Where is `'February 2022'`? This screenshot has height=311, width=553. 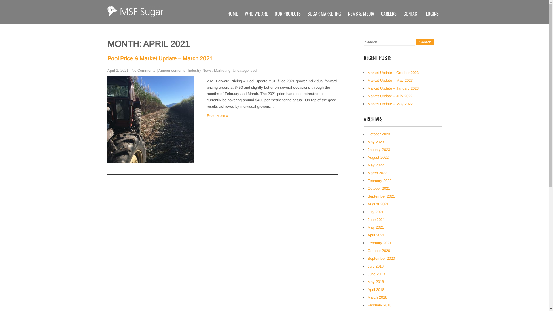
'February 2022' is located at coordinates (379, 180).